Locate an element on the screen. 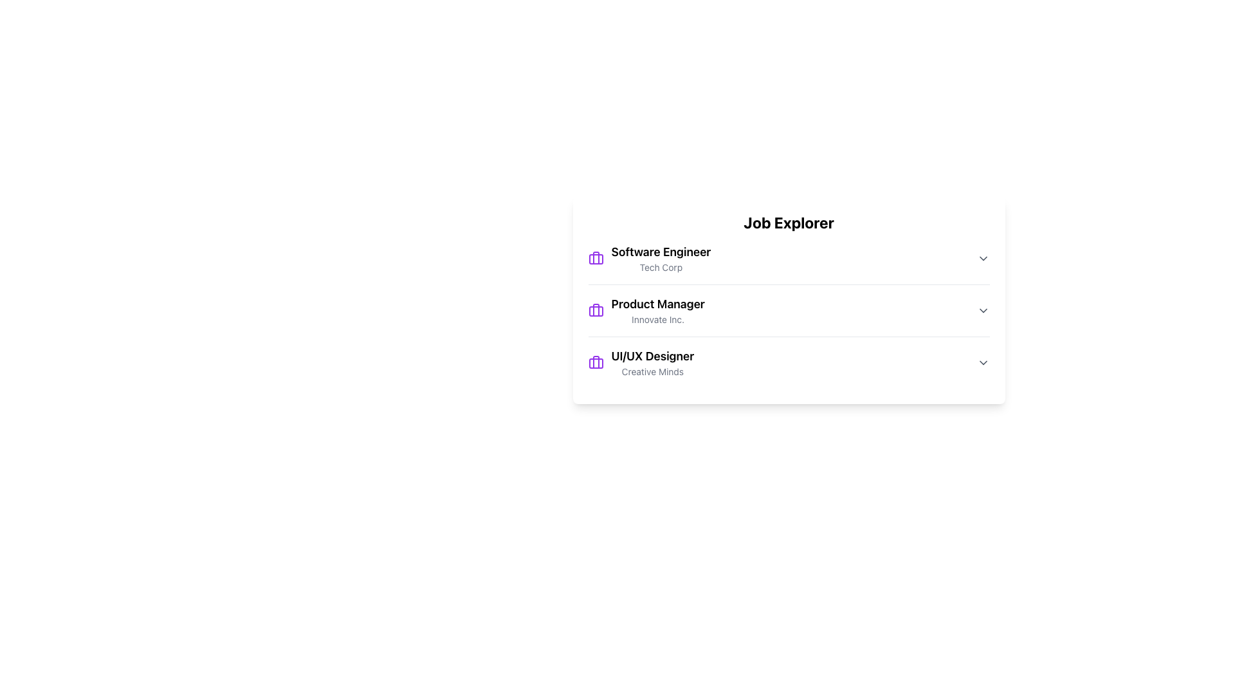 This screenshot has height=695, width=1235. the job listing Content Block that represents a job entry between 'Software Engineer' and 'UI/UX Designer' is located at coordinates (646, 310).